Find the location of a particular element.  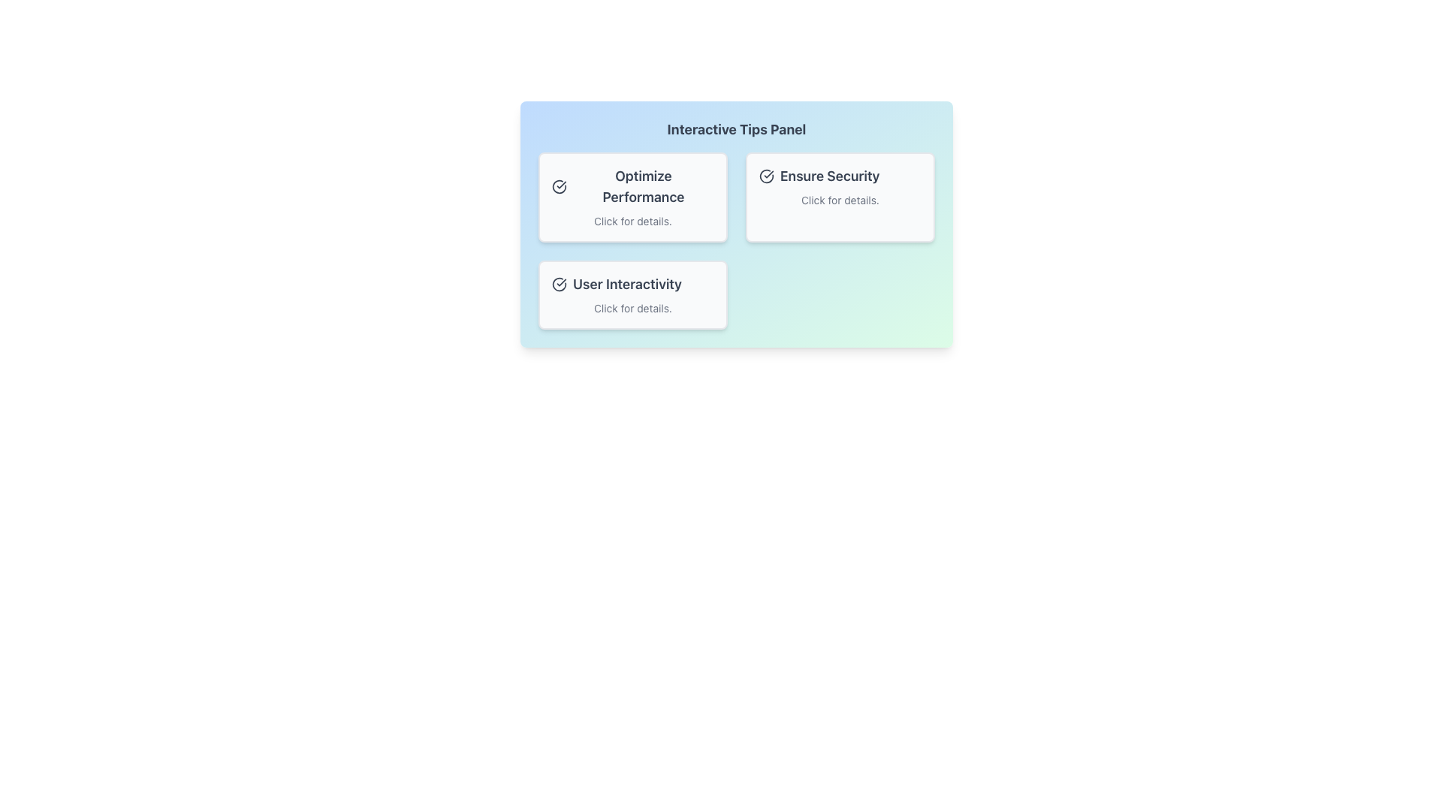

text of the Textual Label located in the upper-right card of the grid layout that conveys the tip's focus area is located at coordinates (839, 176).